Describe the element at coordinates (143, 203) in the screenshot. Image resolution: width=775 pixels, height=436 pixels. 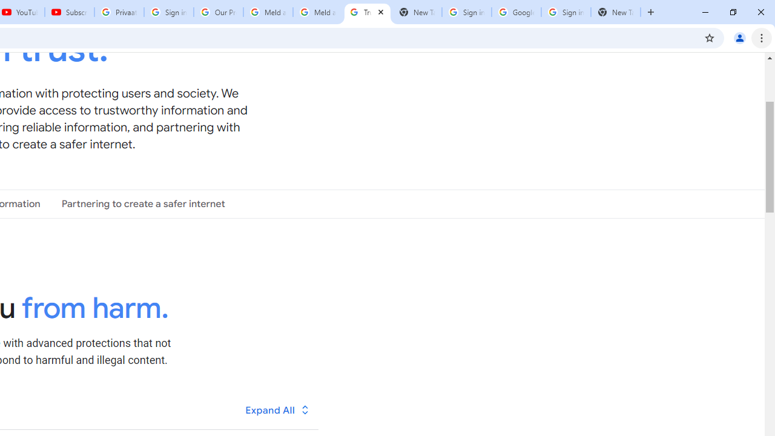
I see `'Partnering to create a safer internet'` at that location.